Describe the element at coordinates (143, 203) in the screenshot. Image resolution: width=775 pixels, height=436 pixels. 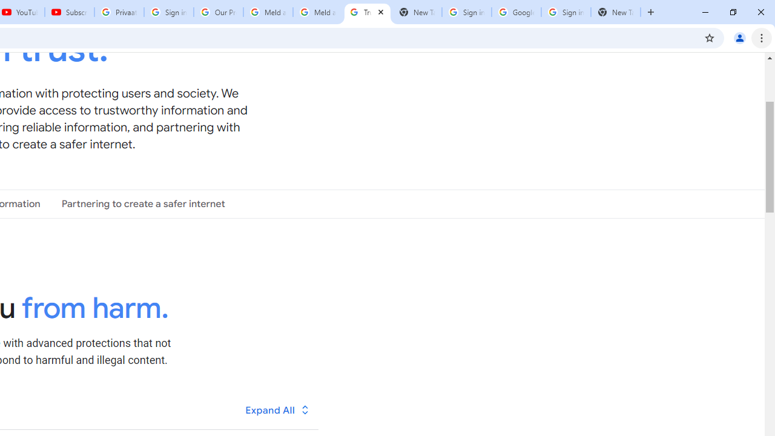
I see `'Partnering to create a safer internet'` at that location.